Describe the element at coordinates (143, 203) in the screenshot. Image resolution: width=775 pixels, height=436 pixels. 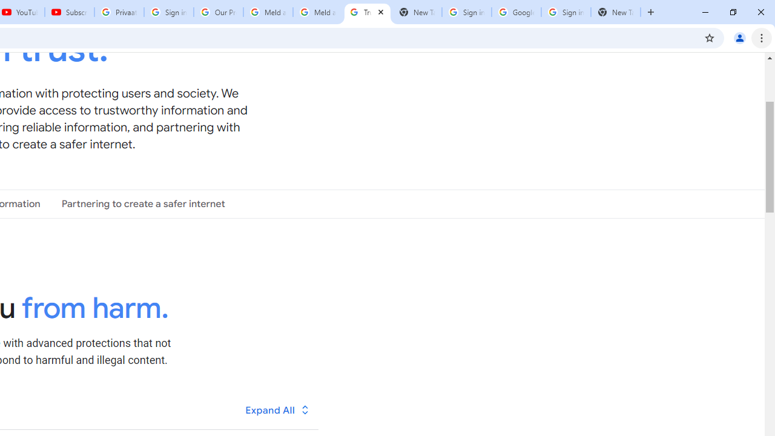
I see `'Partnering to create a safer internet'` at that location.